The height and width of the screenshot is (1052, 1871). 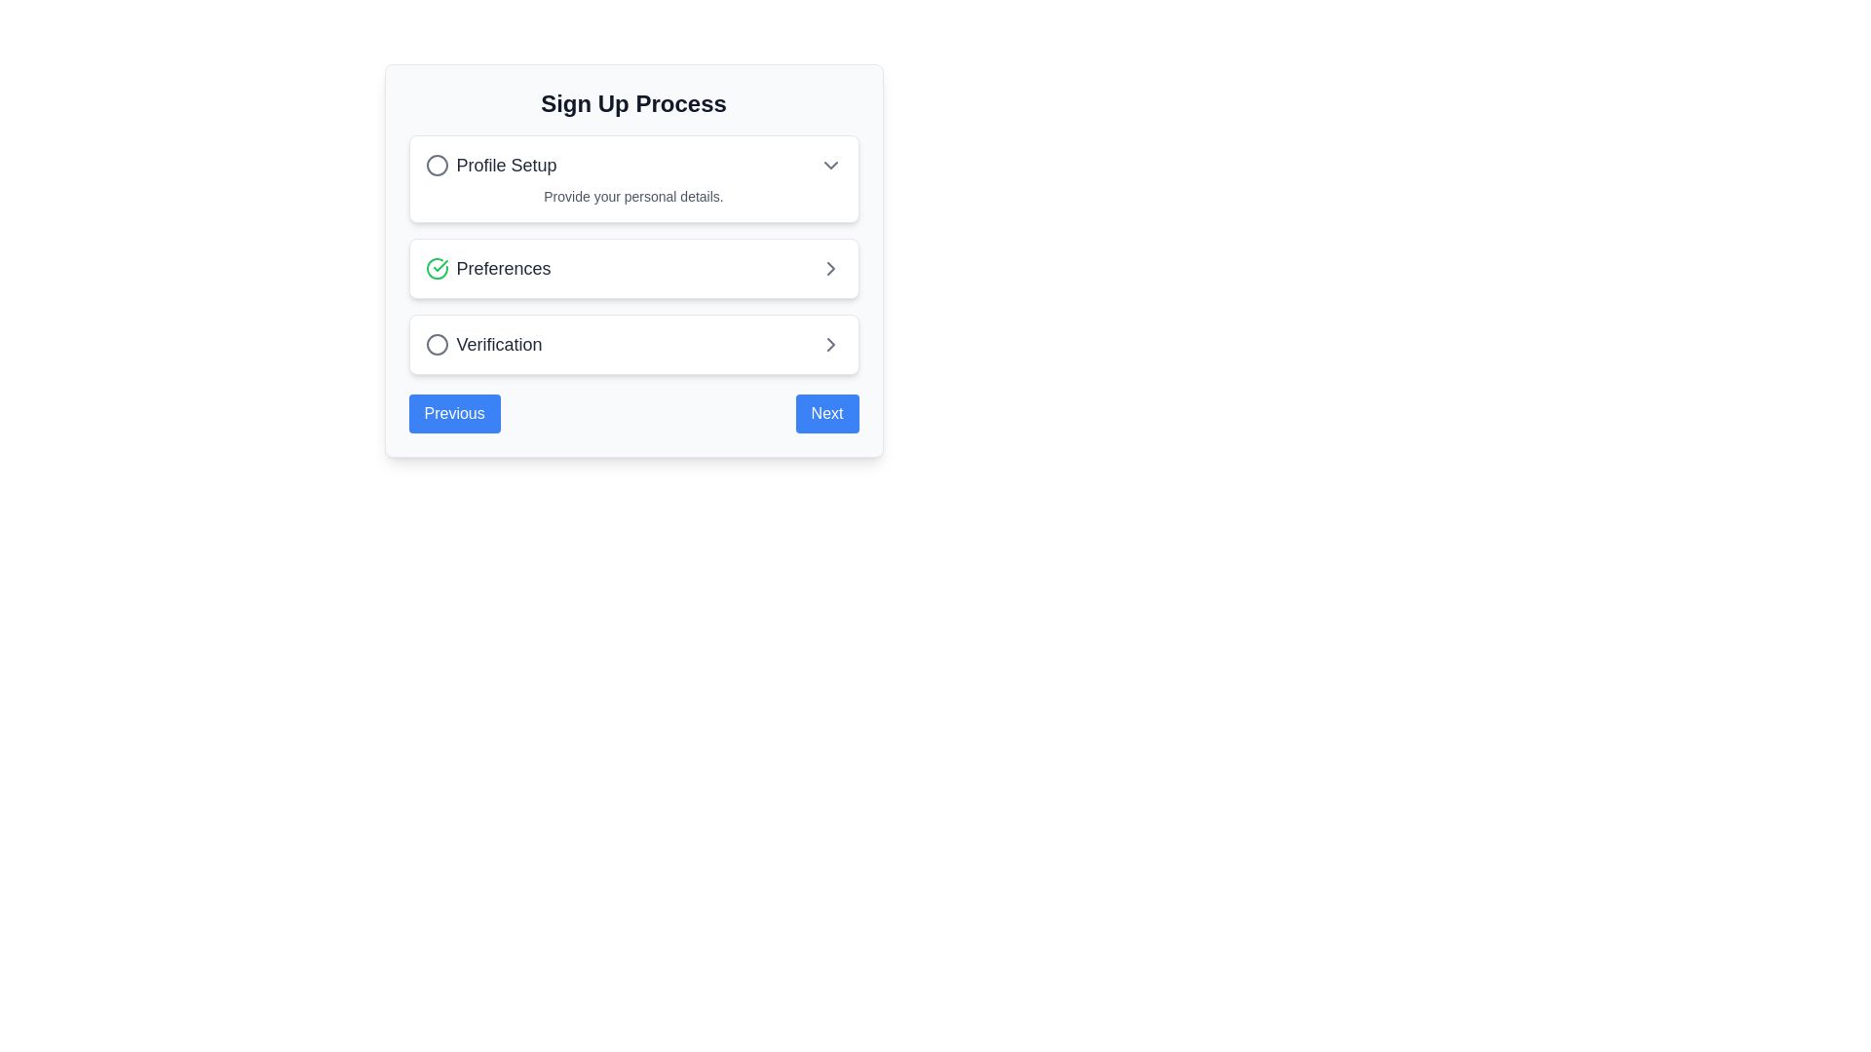 I want to click on the topmost expandable list item in the card, which is centrally aligned and located above 'Preferences' and 'Verification', so click(x=633, y=164).